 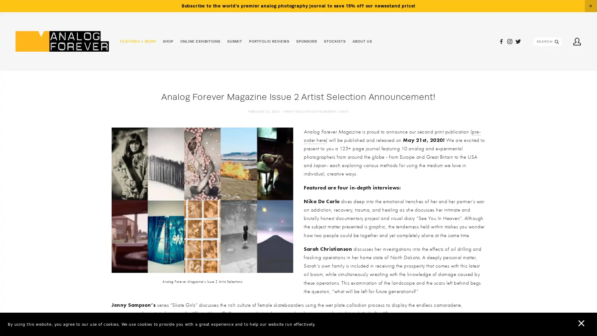 What do you see at coordinates (584, 12) in the screenshot?
I see `Close` at bounding box center [584, 12].